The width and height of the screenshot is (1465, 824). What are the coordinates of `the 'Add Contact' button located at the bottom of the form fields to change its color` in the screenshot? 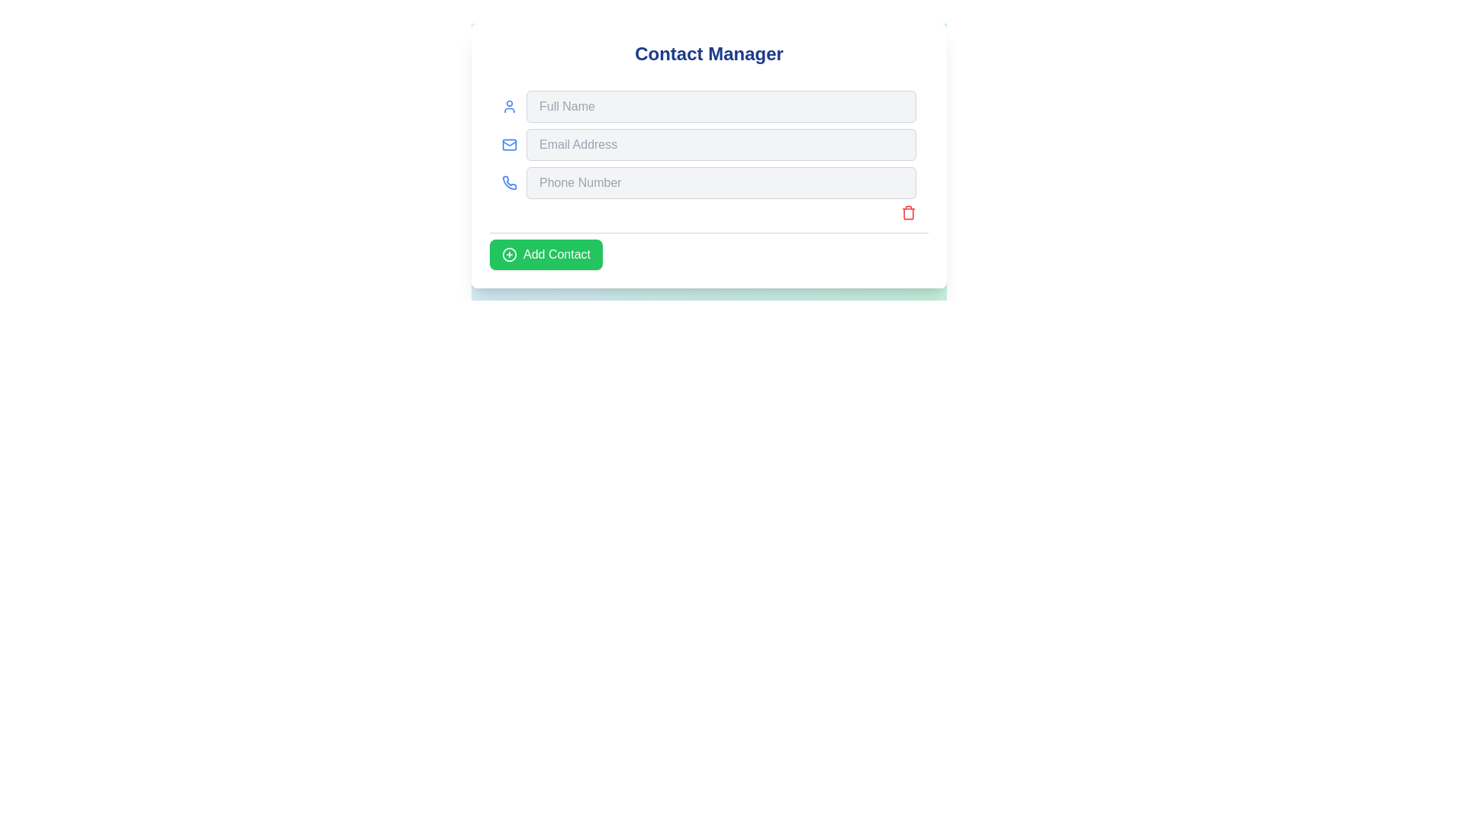 It's located at (546, 254).